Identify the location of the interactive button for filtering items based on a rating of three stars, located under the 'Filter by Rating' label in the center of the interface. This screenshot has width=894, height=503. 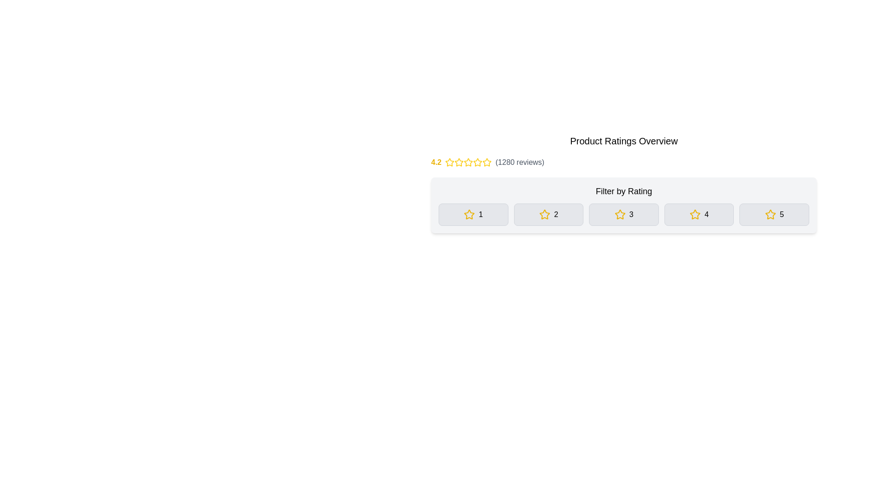
(623, 215).